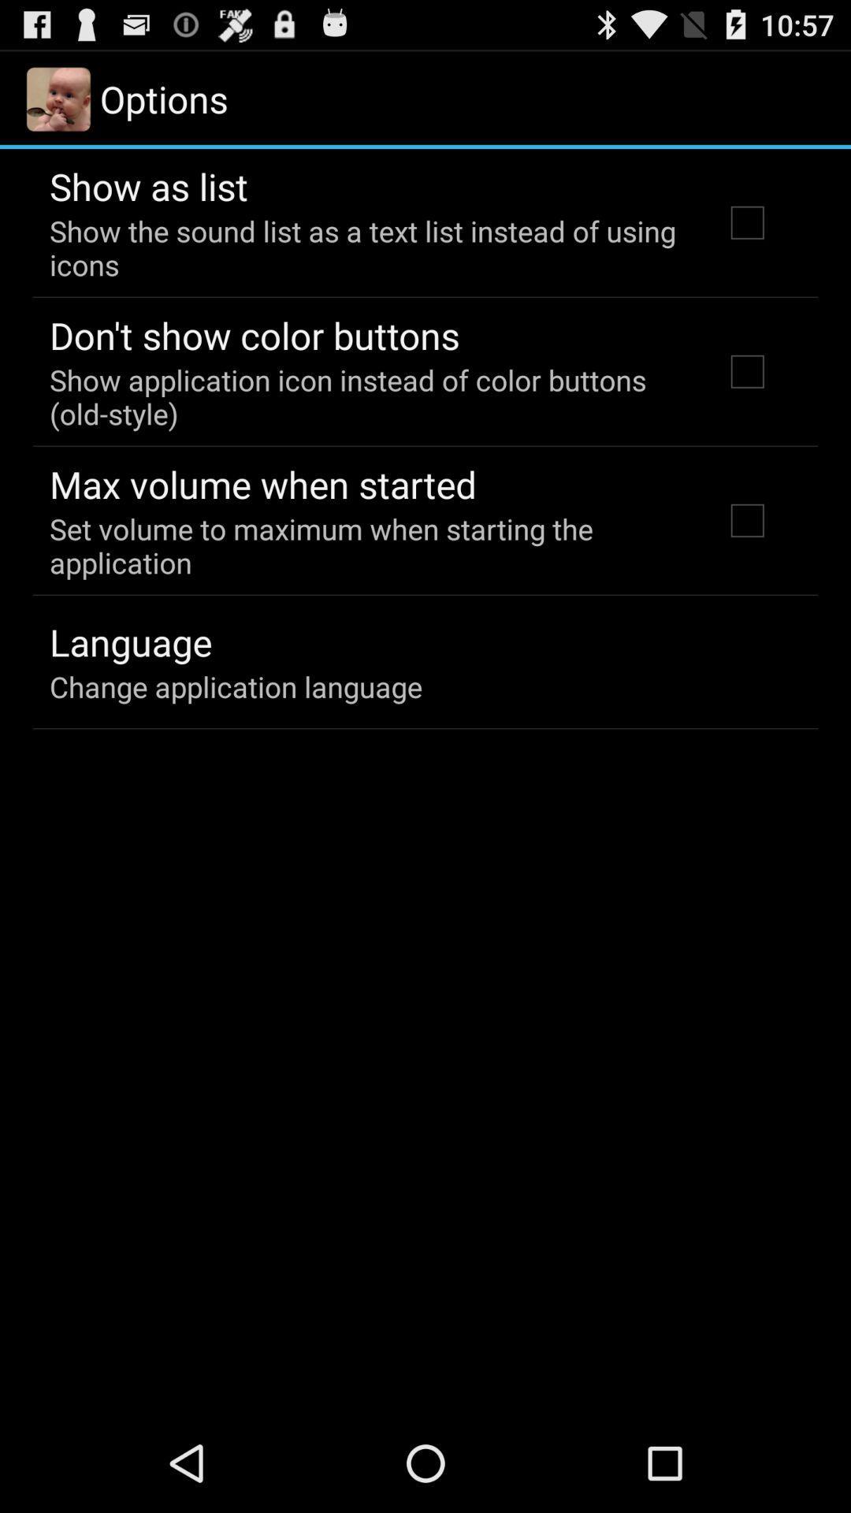  I want to click on show the sound icon, so click(365, 247).